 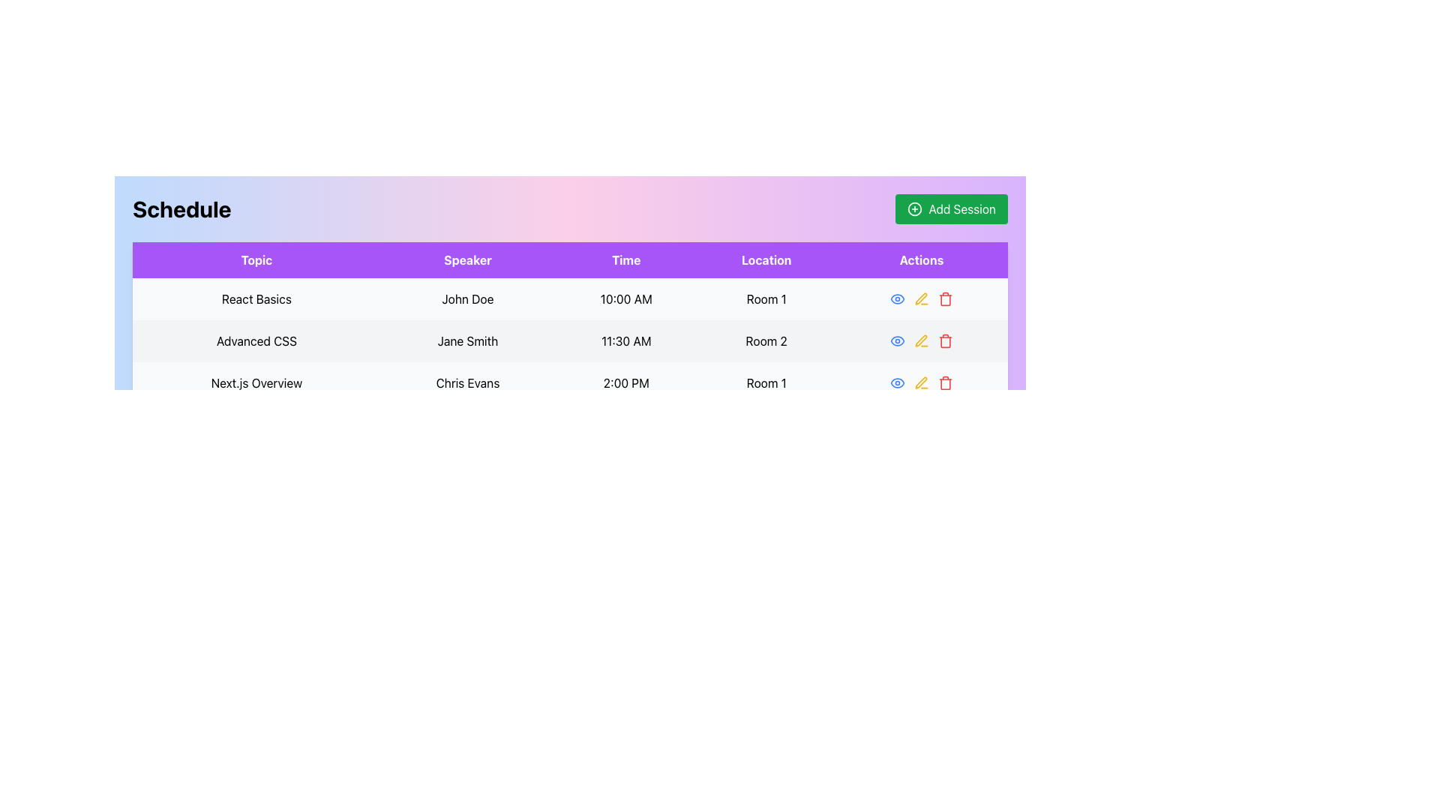 I want to click on the 'Speaker' column header, which is the second header item from the left in the table layout, positioned between the 'Topic' and 'Time' headers, so click(x=467, y=259).